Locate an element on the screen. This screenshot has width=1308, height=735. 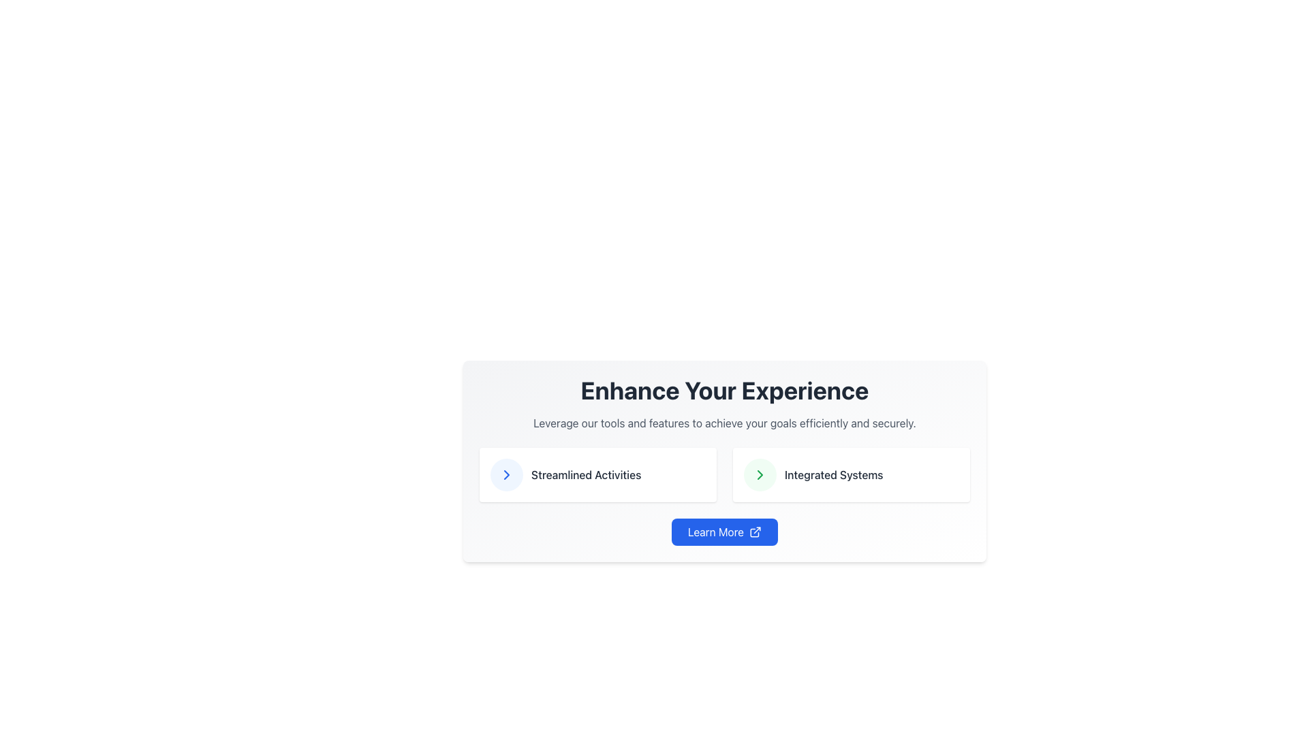
the chevron icon located inside the darker green circle to the right of the 'Integrated Systems' label is located at coordinates (760, 474).